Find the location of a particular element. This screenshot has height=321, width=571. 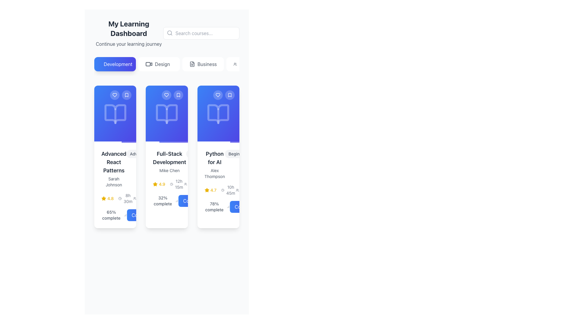

the progress indicator text located at the bottom left corner of the 'Advanced React Patterns' course card is located at coordinates (114, 215).